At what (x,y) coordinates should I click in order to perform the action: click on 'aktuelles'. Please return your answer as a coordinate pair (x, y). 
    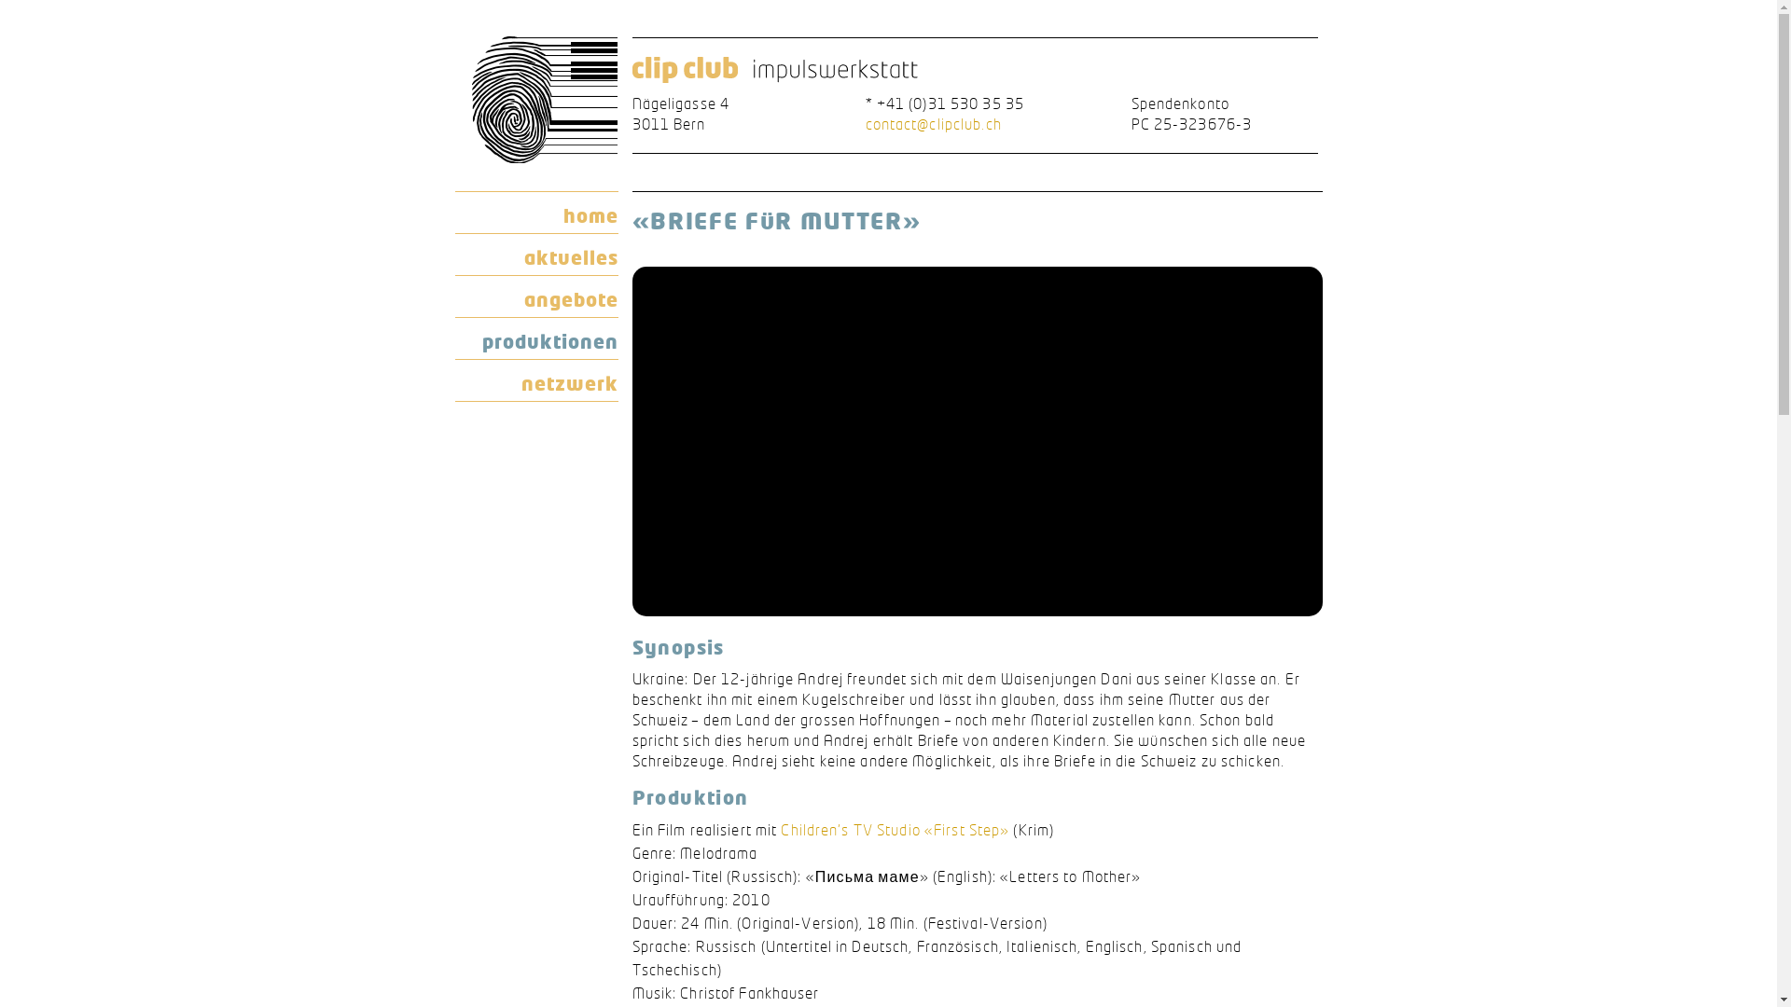
    Looking at the image, I should click on (535, 255).